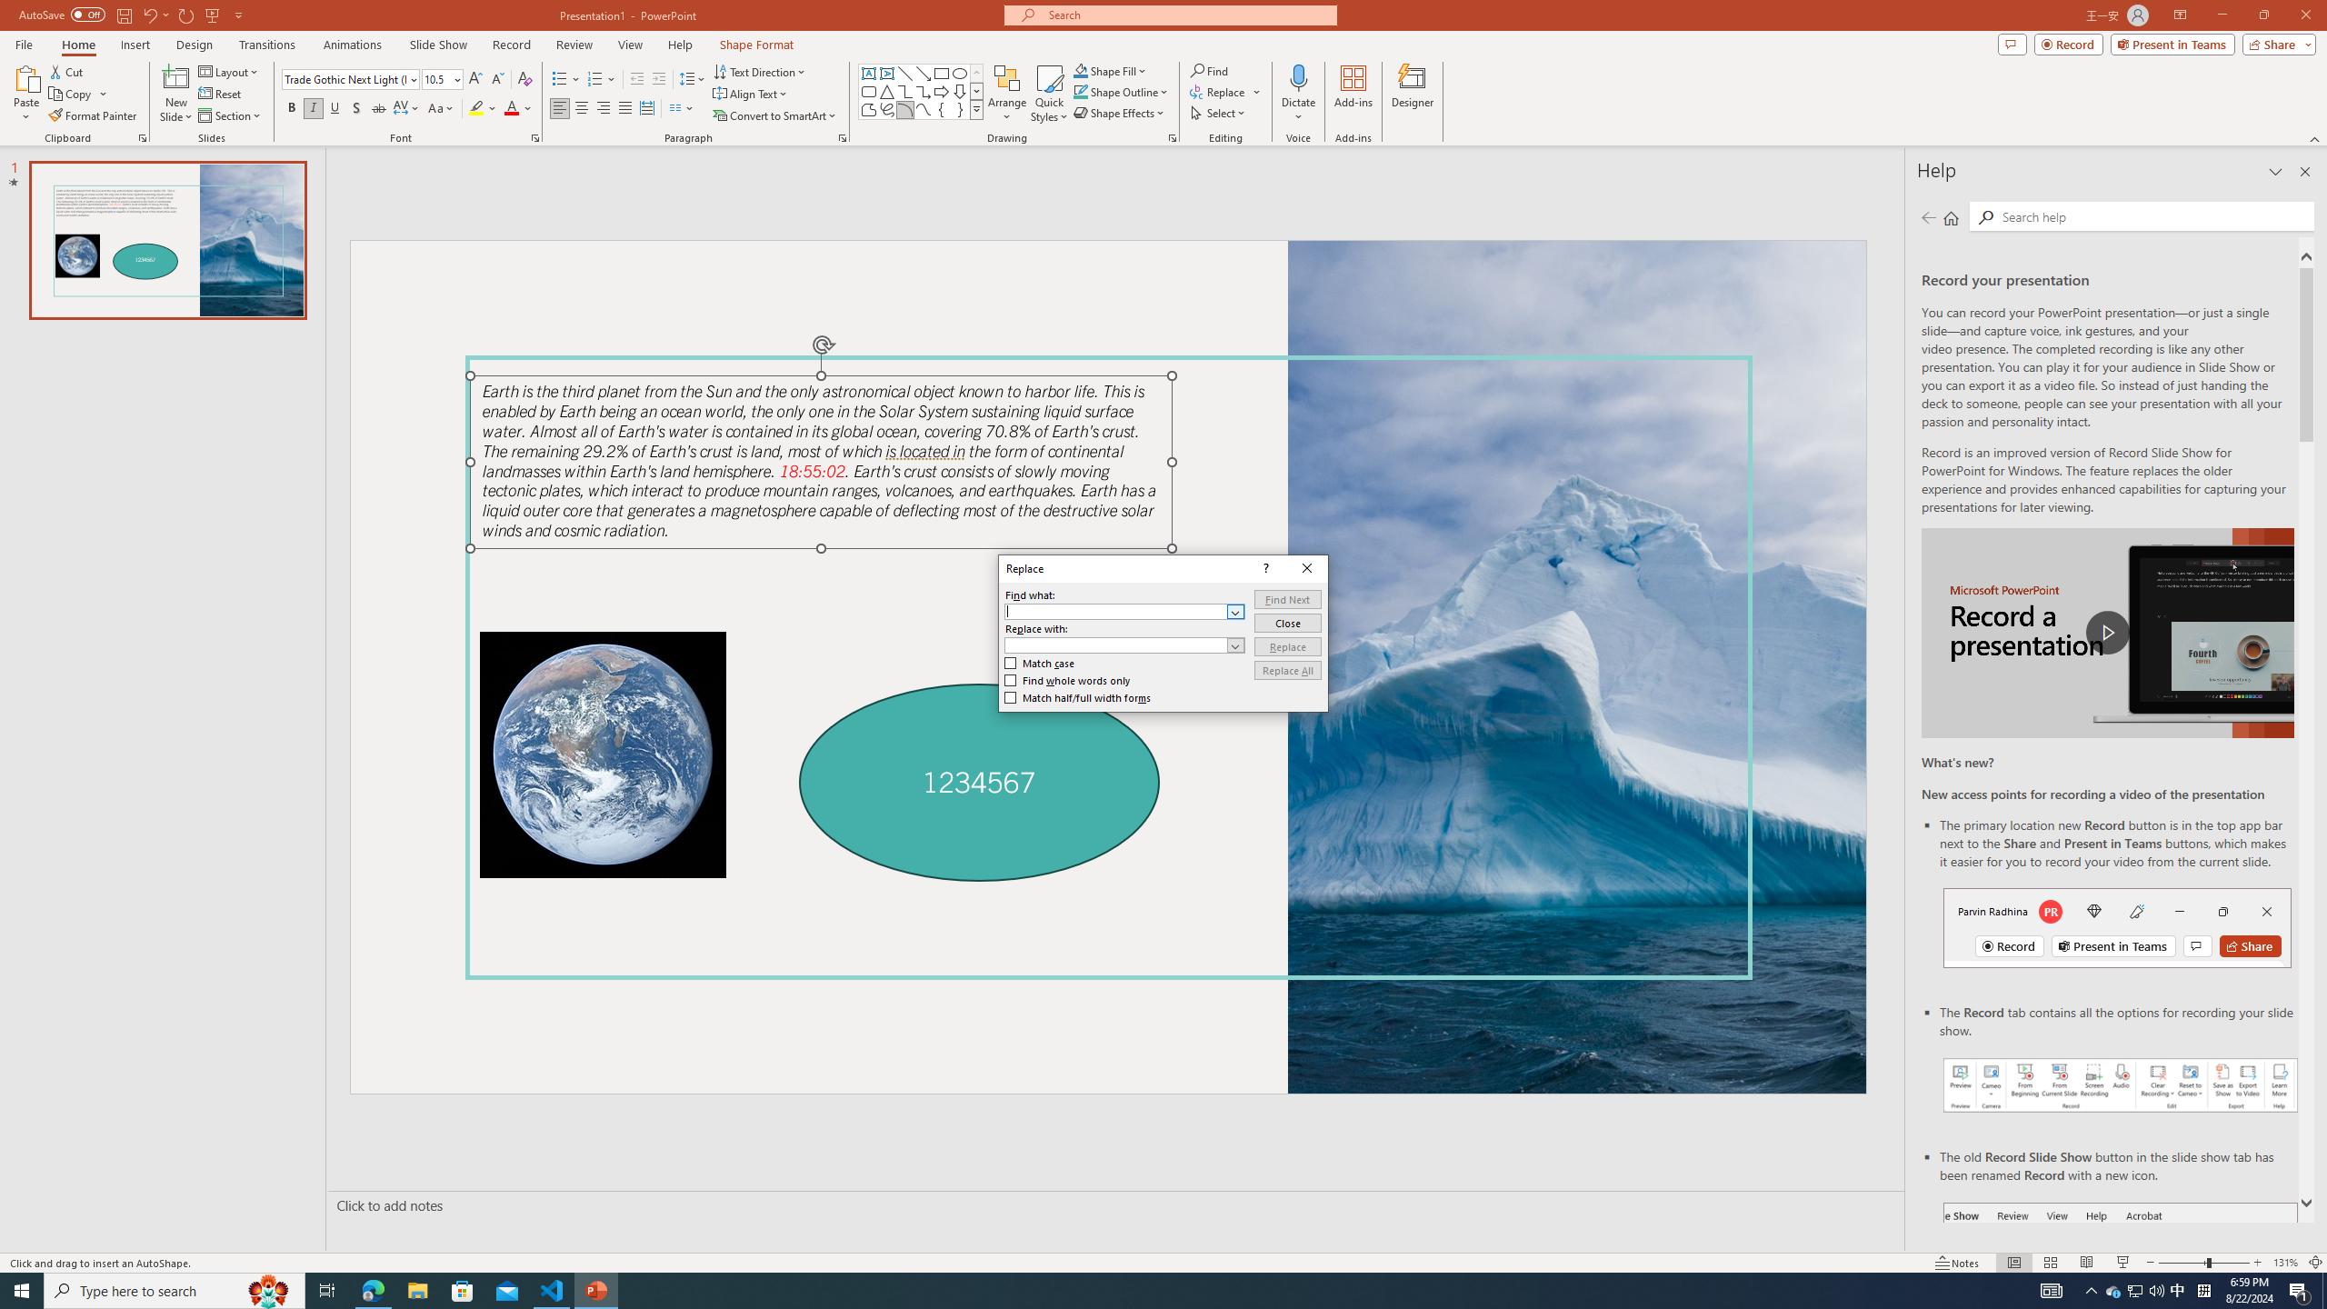 This screenshot has width=2327, height=1309. What do you see at coordinates (760, 71) in the screenshot?
I see `'Text Box'` at bounding box center [760, 71].